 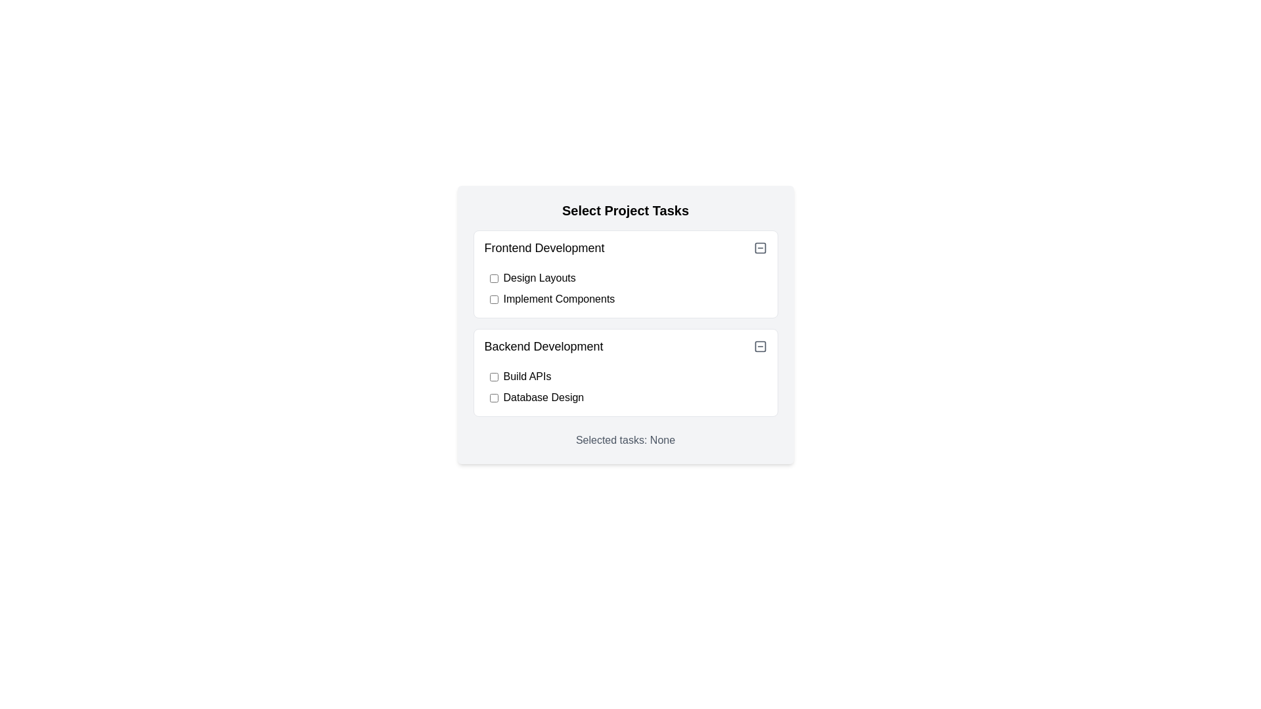 I want to click on the label displaying 'Implement Components', which is bold and located next to a checkbox in the 'Frontend Development' section of the 'Select Project Tasks' panel, so click(x=559, y=299).